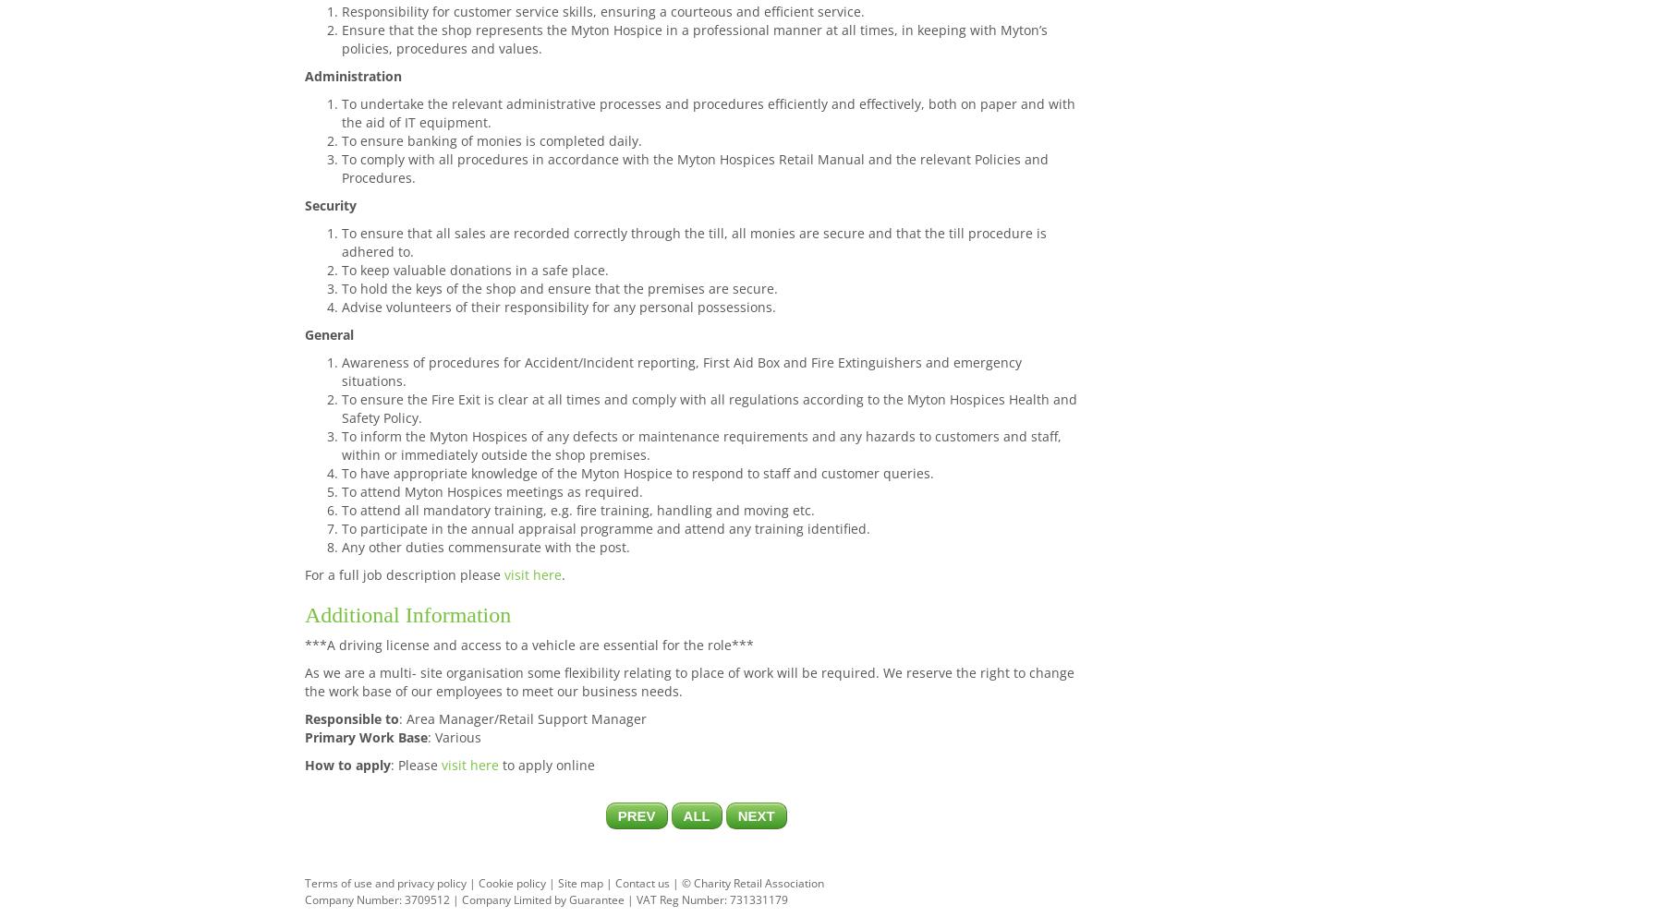 The width and height of the screenshot is (1663, 917). What do you see at coordinates (407, 614) in the screenshot?
I see `'Additional Information'` at bounding box center [407, 614].